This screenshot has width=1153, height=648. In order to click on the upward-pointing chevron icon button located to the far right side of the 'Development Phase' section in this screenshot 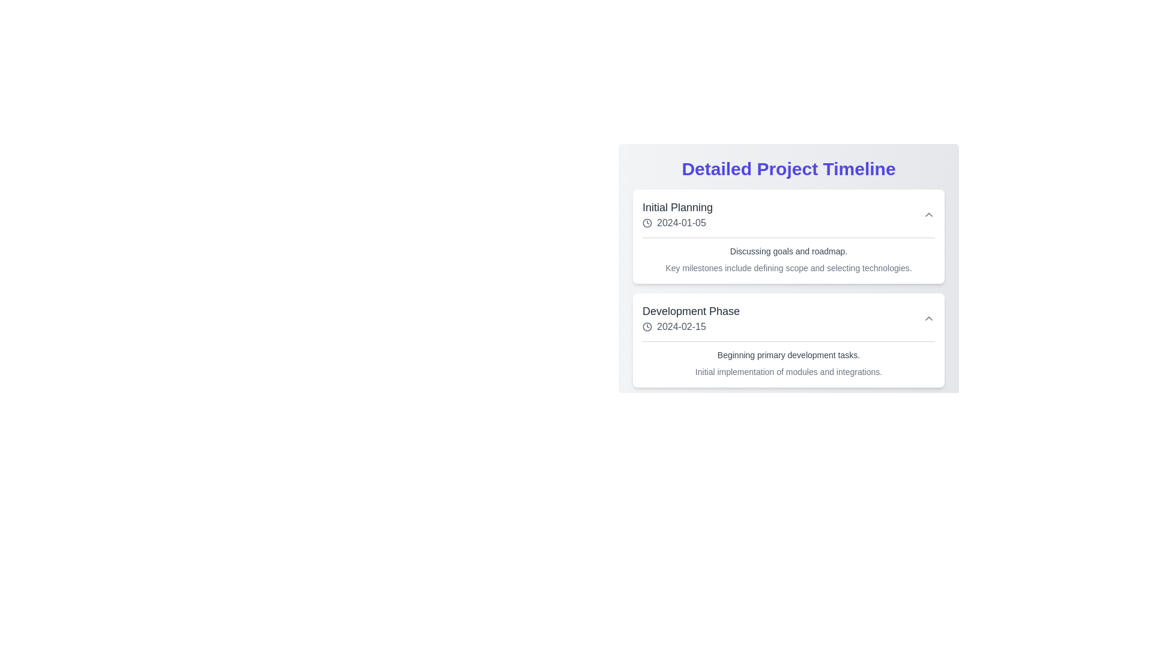, I will do `click(928, 318)`.